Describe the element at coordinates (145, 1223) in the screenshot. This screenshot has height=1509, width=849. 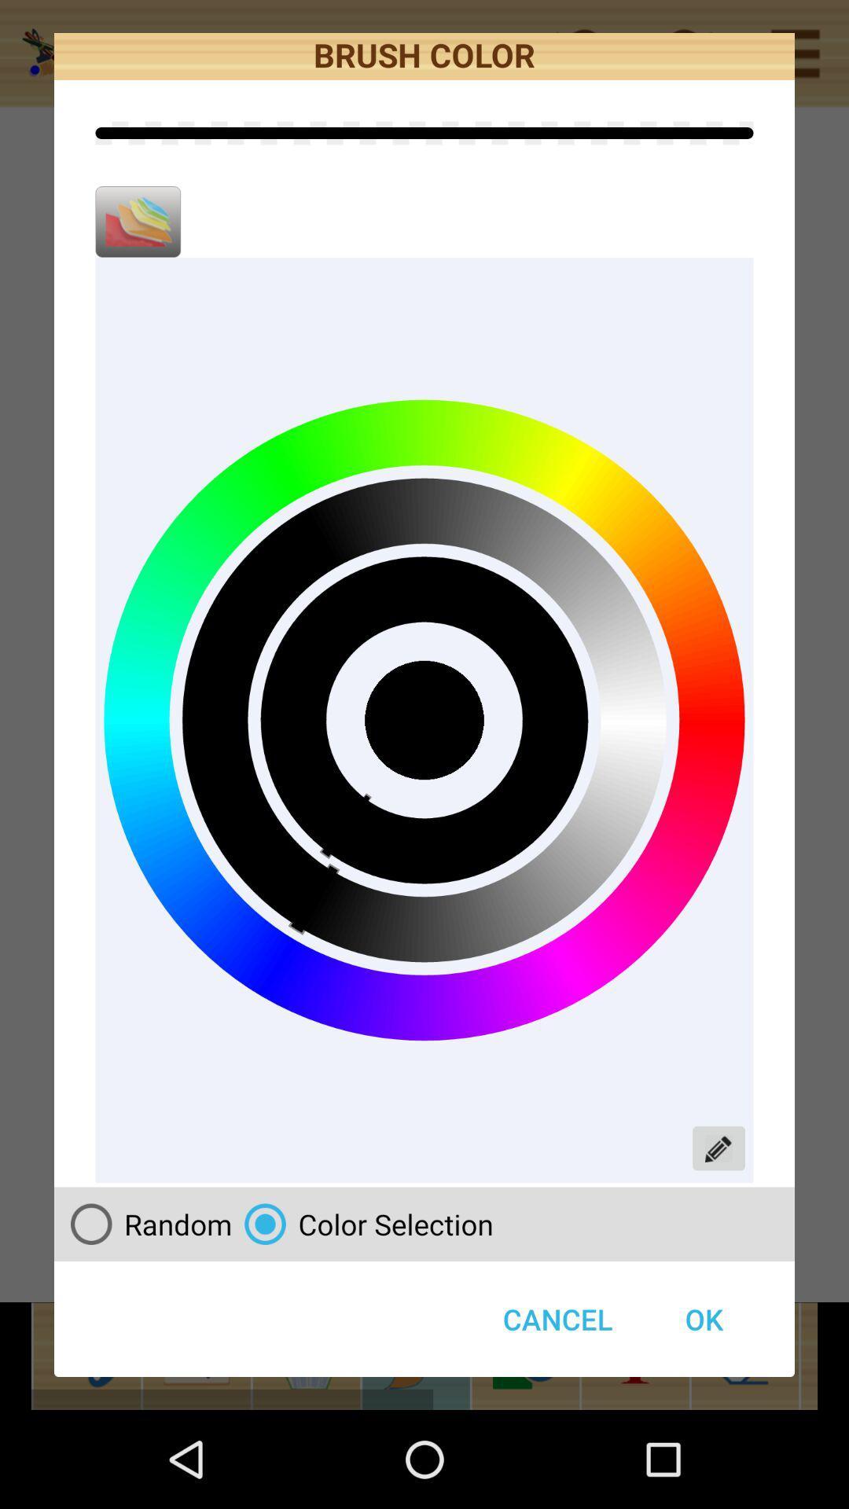
I see `item to the left of color selection icon` at that location.